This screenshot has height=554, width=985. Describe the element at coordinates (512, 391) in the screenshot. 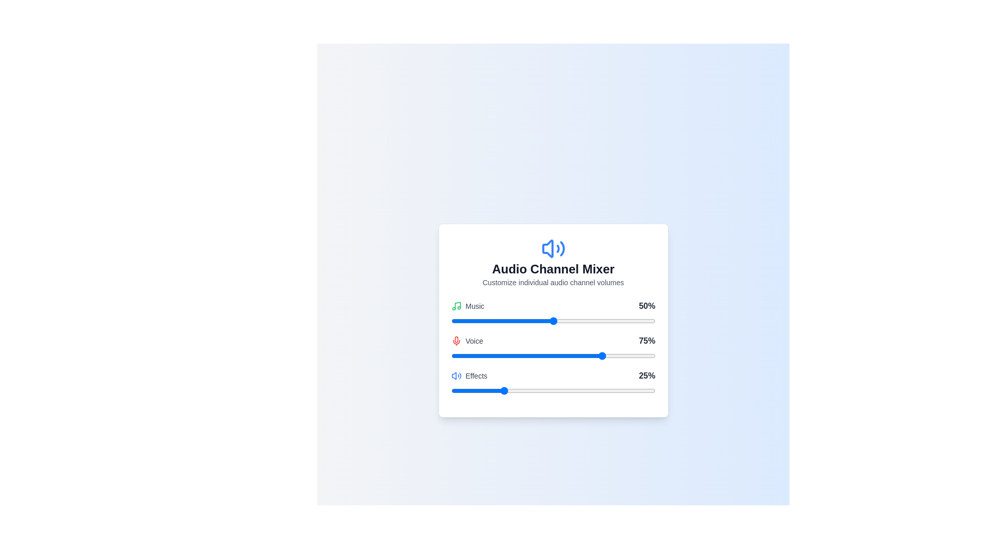

I see `the 'Effects' volume slider` at that location.